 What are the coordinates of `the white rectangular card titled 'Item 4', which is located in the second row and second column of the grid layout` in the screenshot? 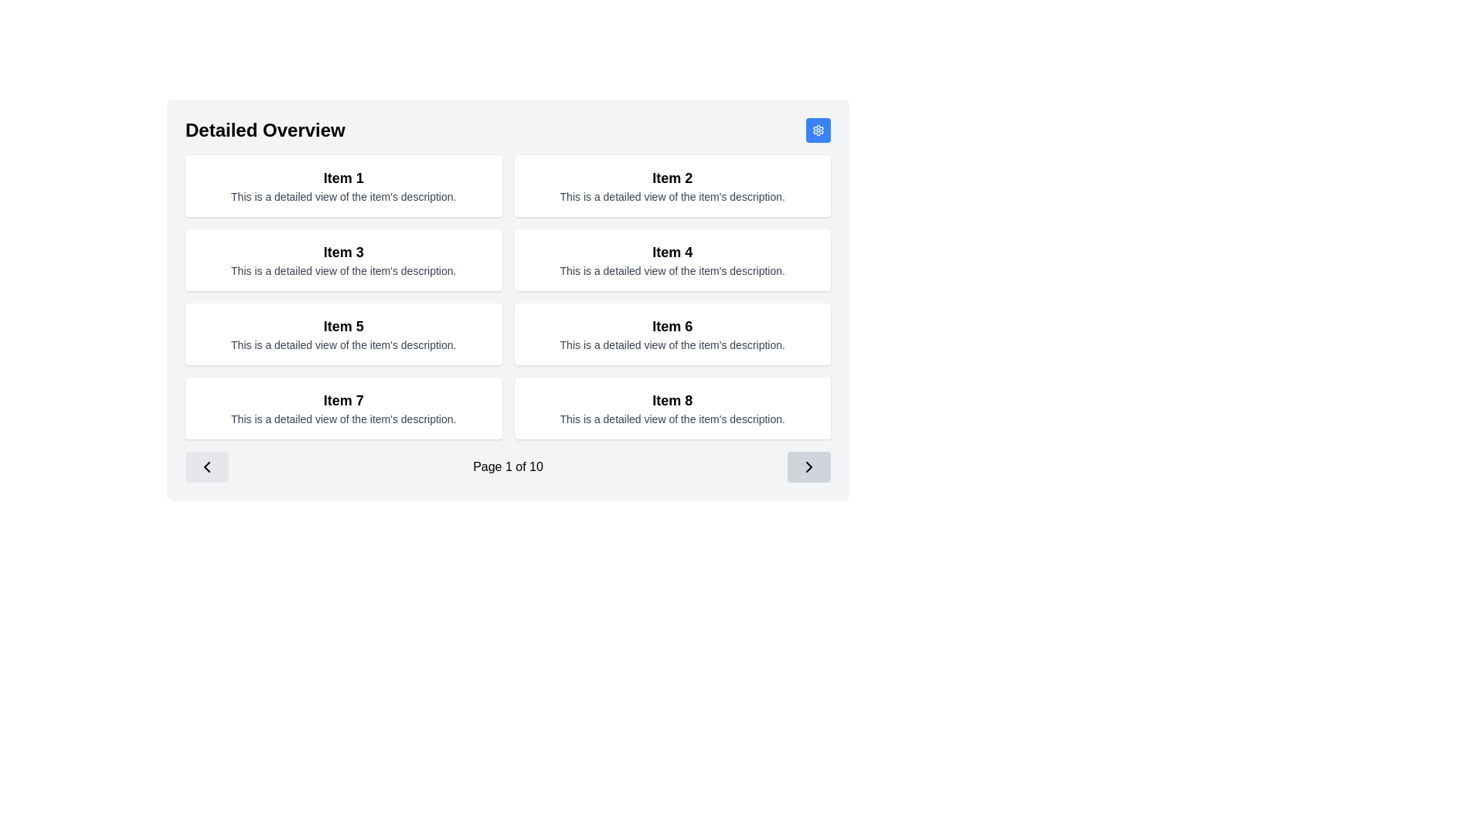 It's located at (672, 259).